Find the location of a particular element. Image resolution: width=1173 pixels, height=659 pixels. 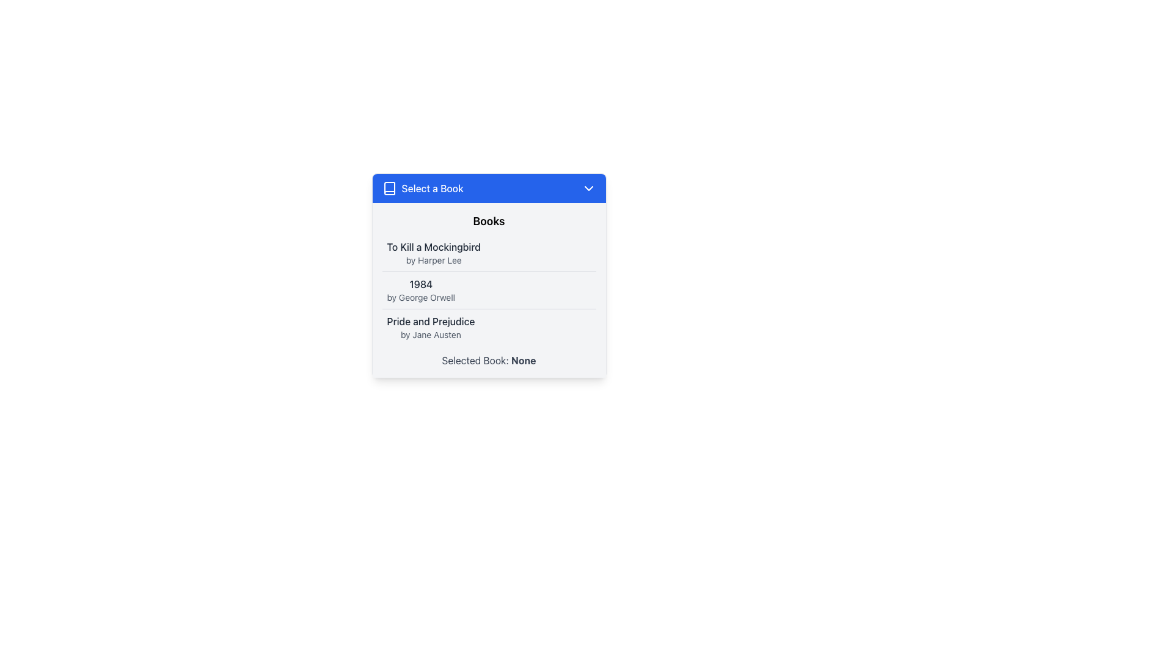

the third list item representing 'Pride and Prejudice' is located at coordinates (489, 326).